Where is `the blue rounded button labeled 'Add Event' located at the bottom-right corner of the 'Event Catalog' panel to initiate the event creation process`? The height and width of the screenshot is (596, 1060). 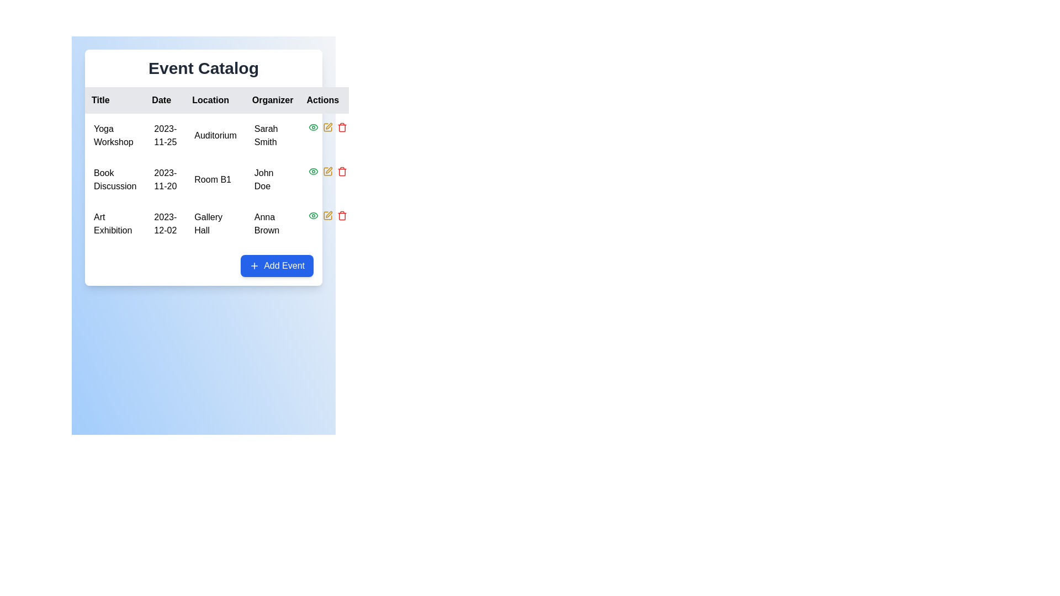
the blue rounded button labeled 'Add Event' located at the bottom-right corner of the 'Event Catalog' panel to initiate the event creation process is located at coordinates (204, 266).